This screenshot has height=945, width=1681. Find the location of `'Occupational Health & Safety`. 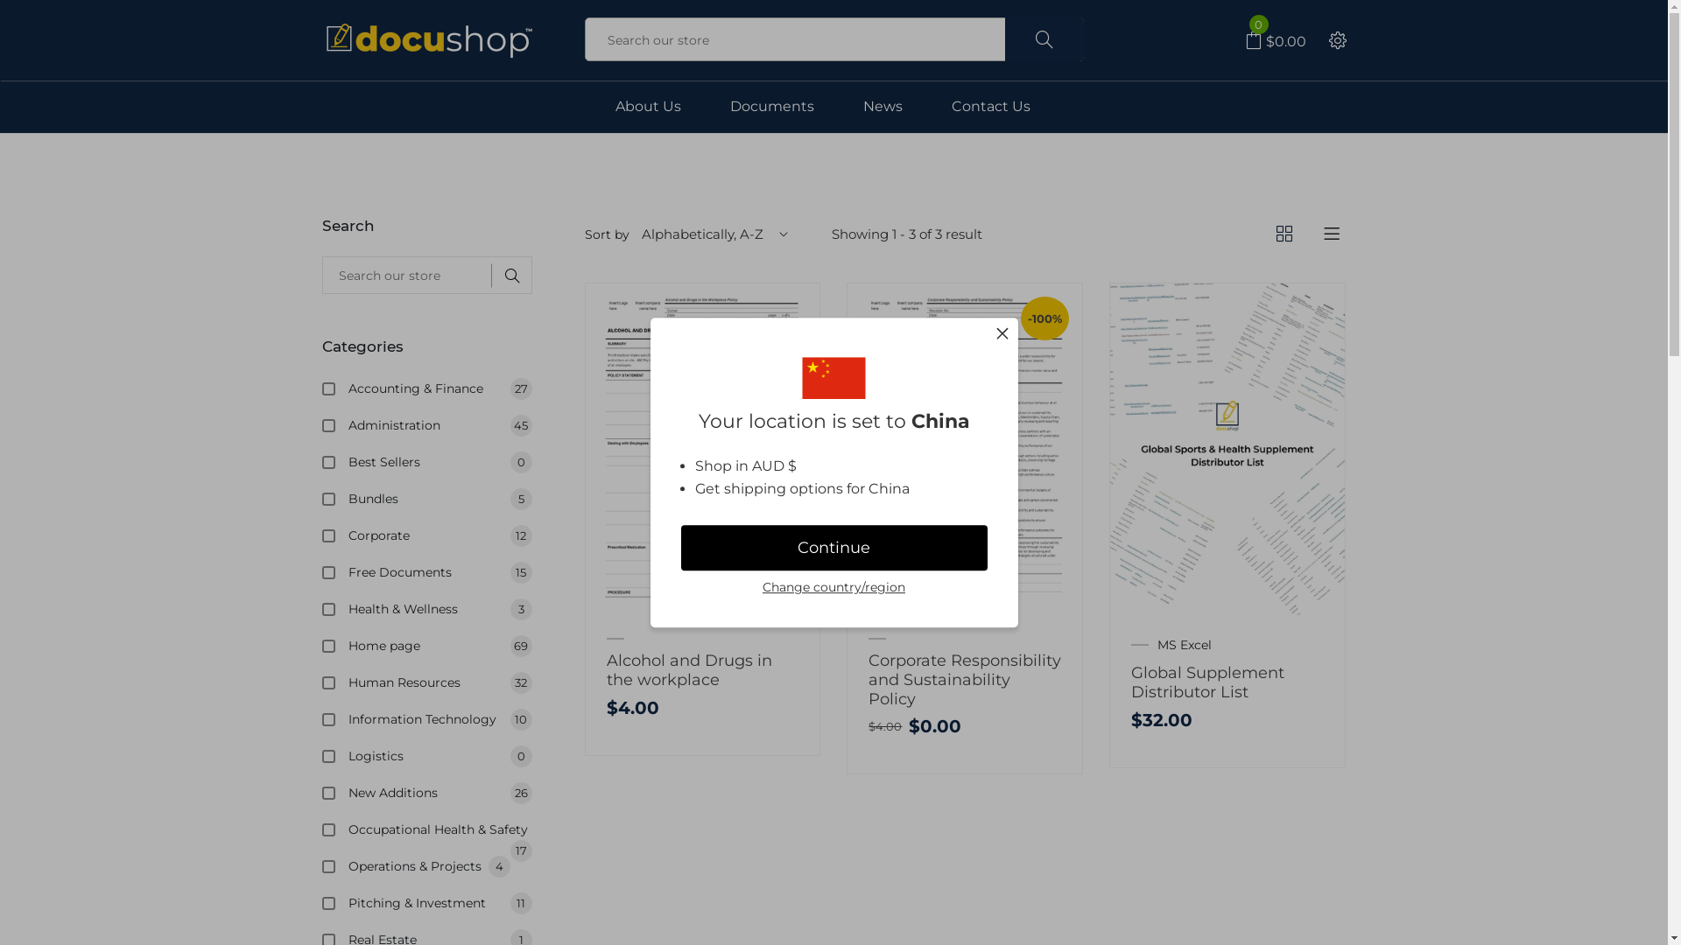

'Occupational Health & Safety is located at coordinates (348, 829).